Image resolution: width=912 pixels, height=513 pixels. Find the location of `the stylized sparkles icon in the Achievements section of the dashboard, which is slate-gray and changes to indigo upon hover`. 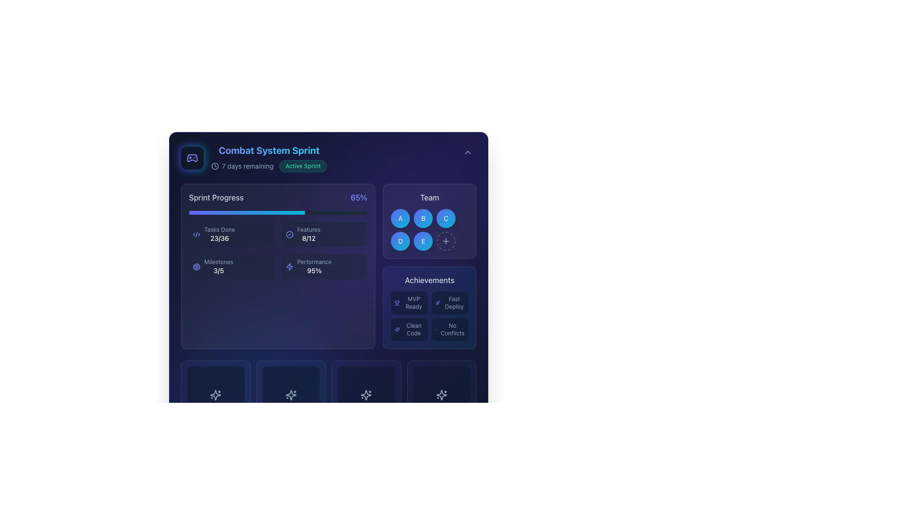

the stylized sparkles icon in the Achievements section of the dashboard, which is slate-gray and changes to indigo upon hover is located at coordinates (215, 395).